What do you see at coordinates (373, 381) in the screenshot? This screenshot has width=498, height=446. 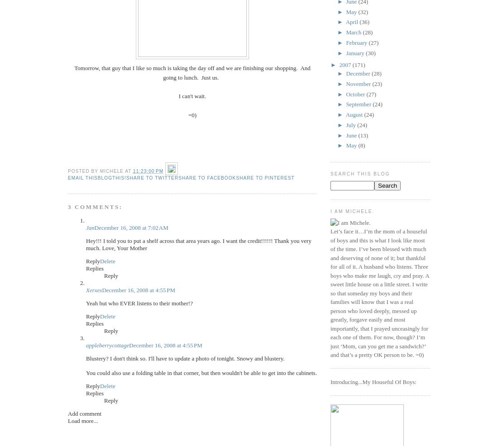 I see `'Introducing...My Houseful Of Boys:'` at bounding box center [373, 381].